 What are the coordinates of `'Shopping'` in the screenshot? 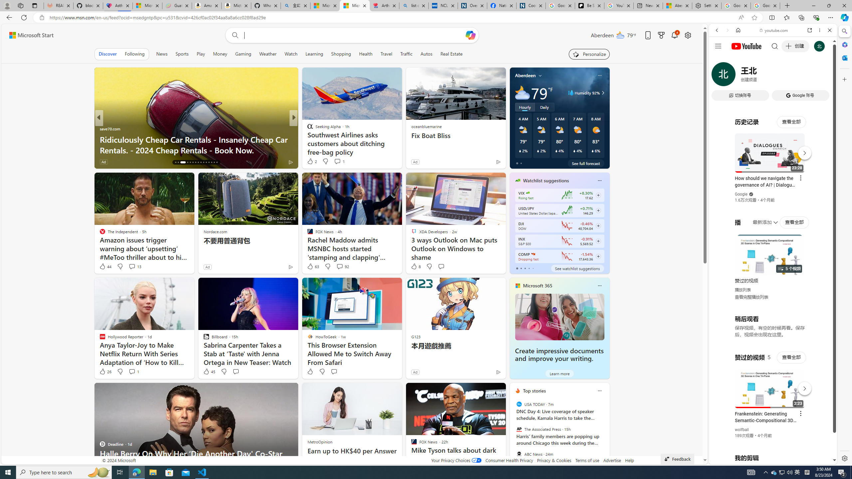 It's located at (341, 54).